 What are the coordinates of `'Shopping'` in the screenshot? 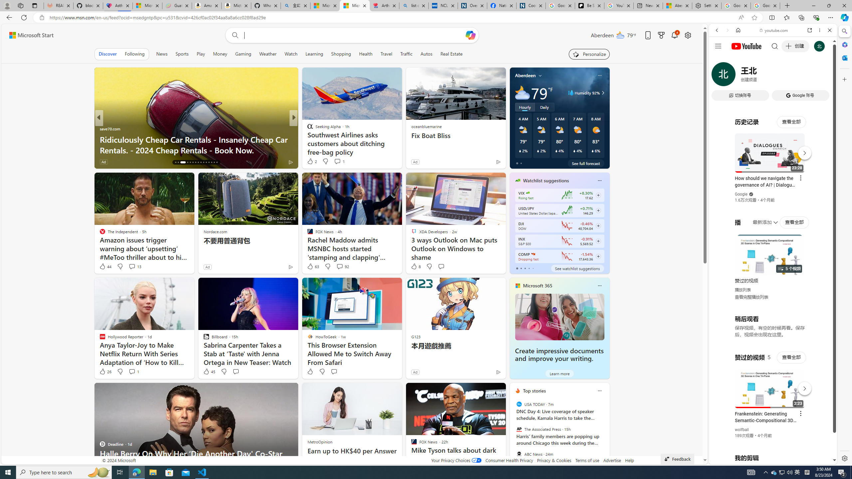 It's located at (341, 54).